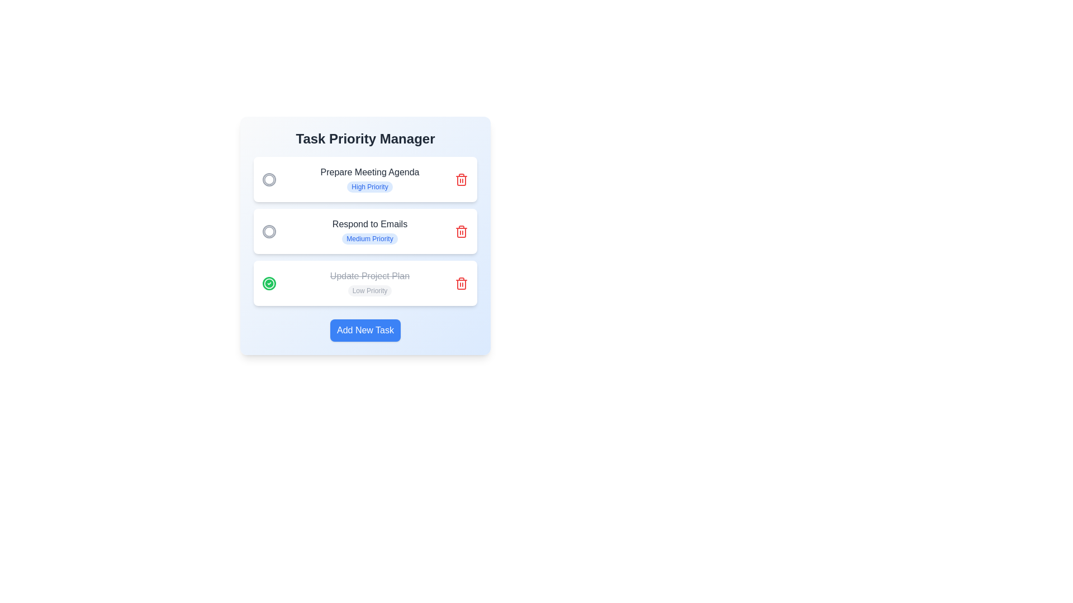  I want to click on the circular icon outlined with a thin gray border in the second position of the 'Task Priority Manager' interface, so click(269, 179).